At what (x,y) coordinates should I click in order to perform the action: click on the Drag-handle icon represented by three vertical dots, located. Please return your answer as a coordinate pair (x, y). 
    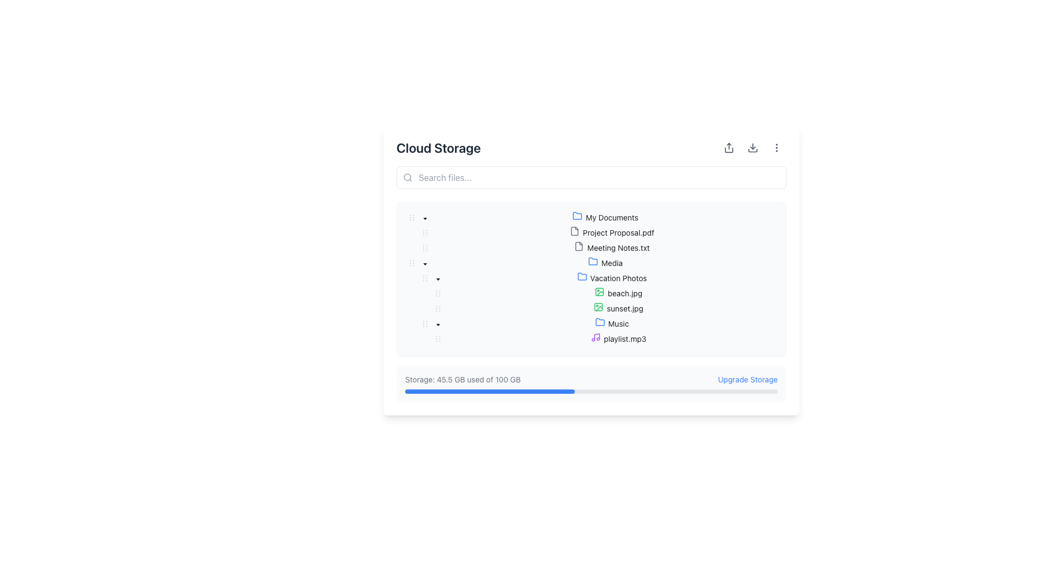
    Looking at the image, I should click on (412, 217).